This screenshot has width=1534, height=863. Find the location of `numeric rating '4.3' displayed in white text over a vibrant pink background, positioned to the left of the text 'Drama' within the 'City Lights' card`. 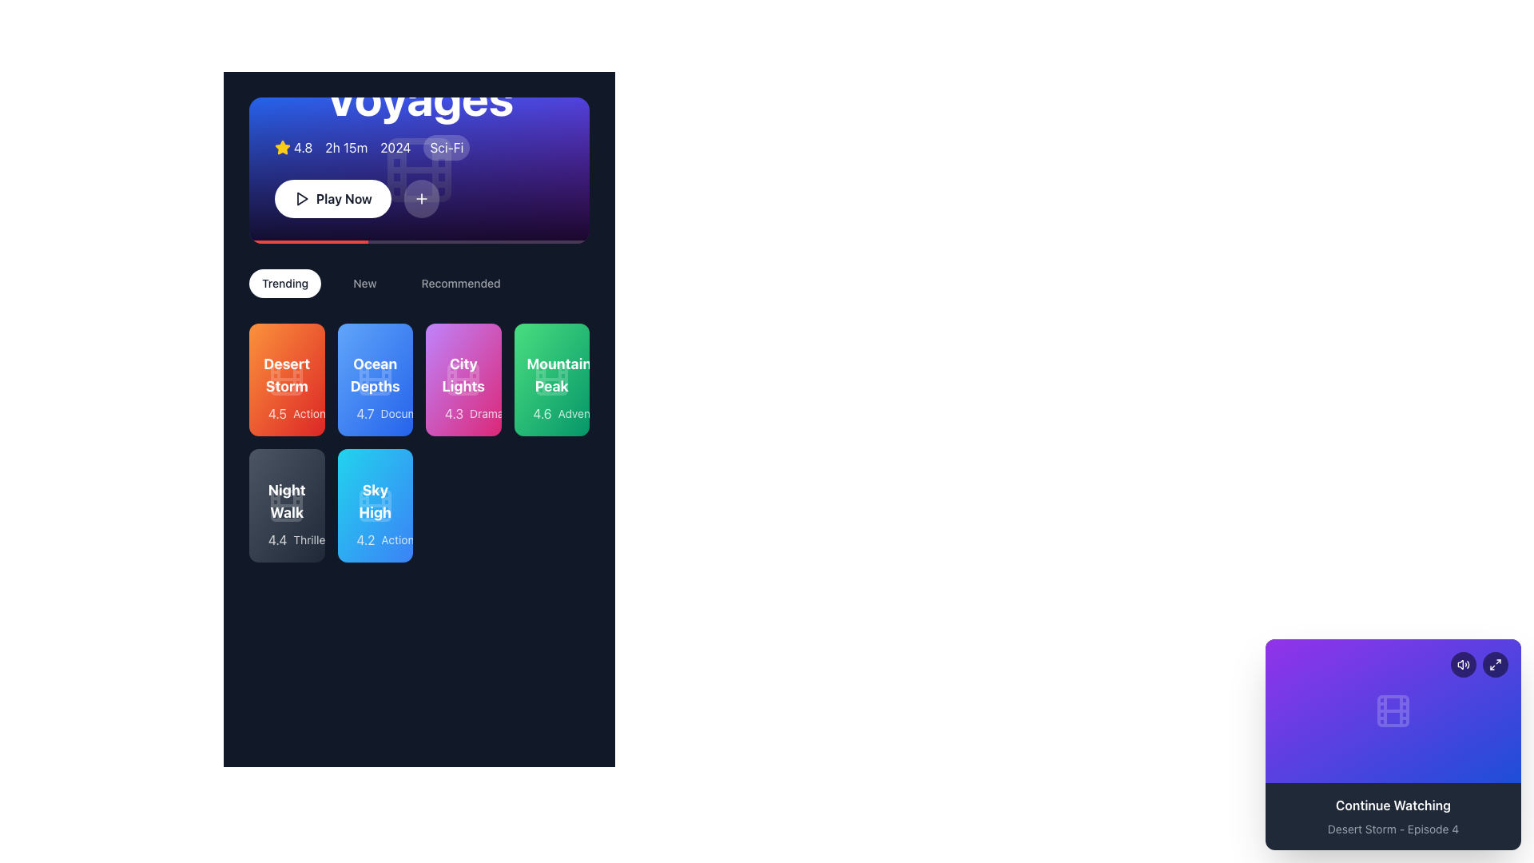

numeric rating '4.3' displayed in white text over a vibrant pink background, positioned to the left of the text 'Drama' within the 'City Lights' card is located at coordinates (453, 413).